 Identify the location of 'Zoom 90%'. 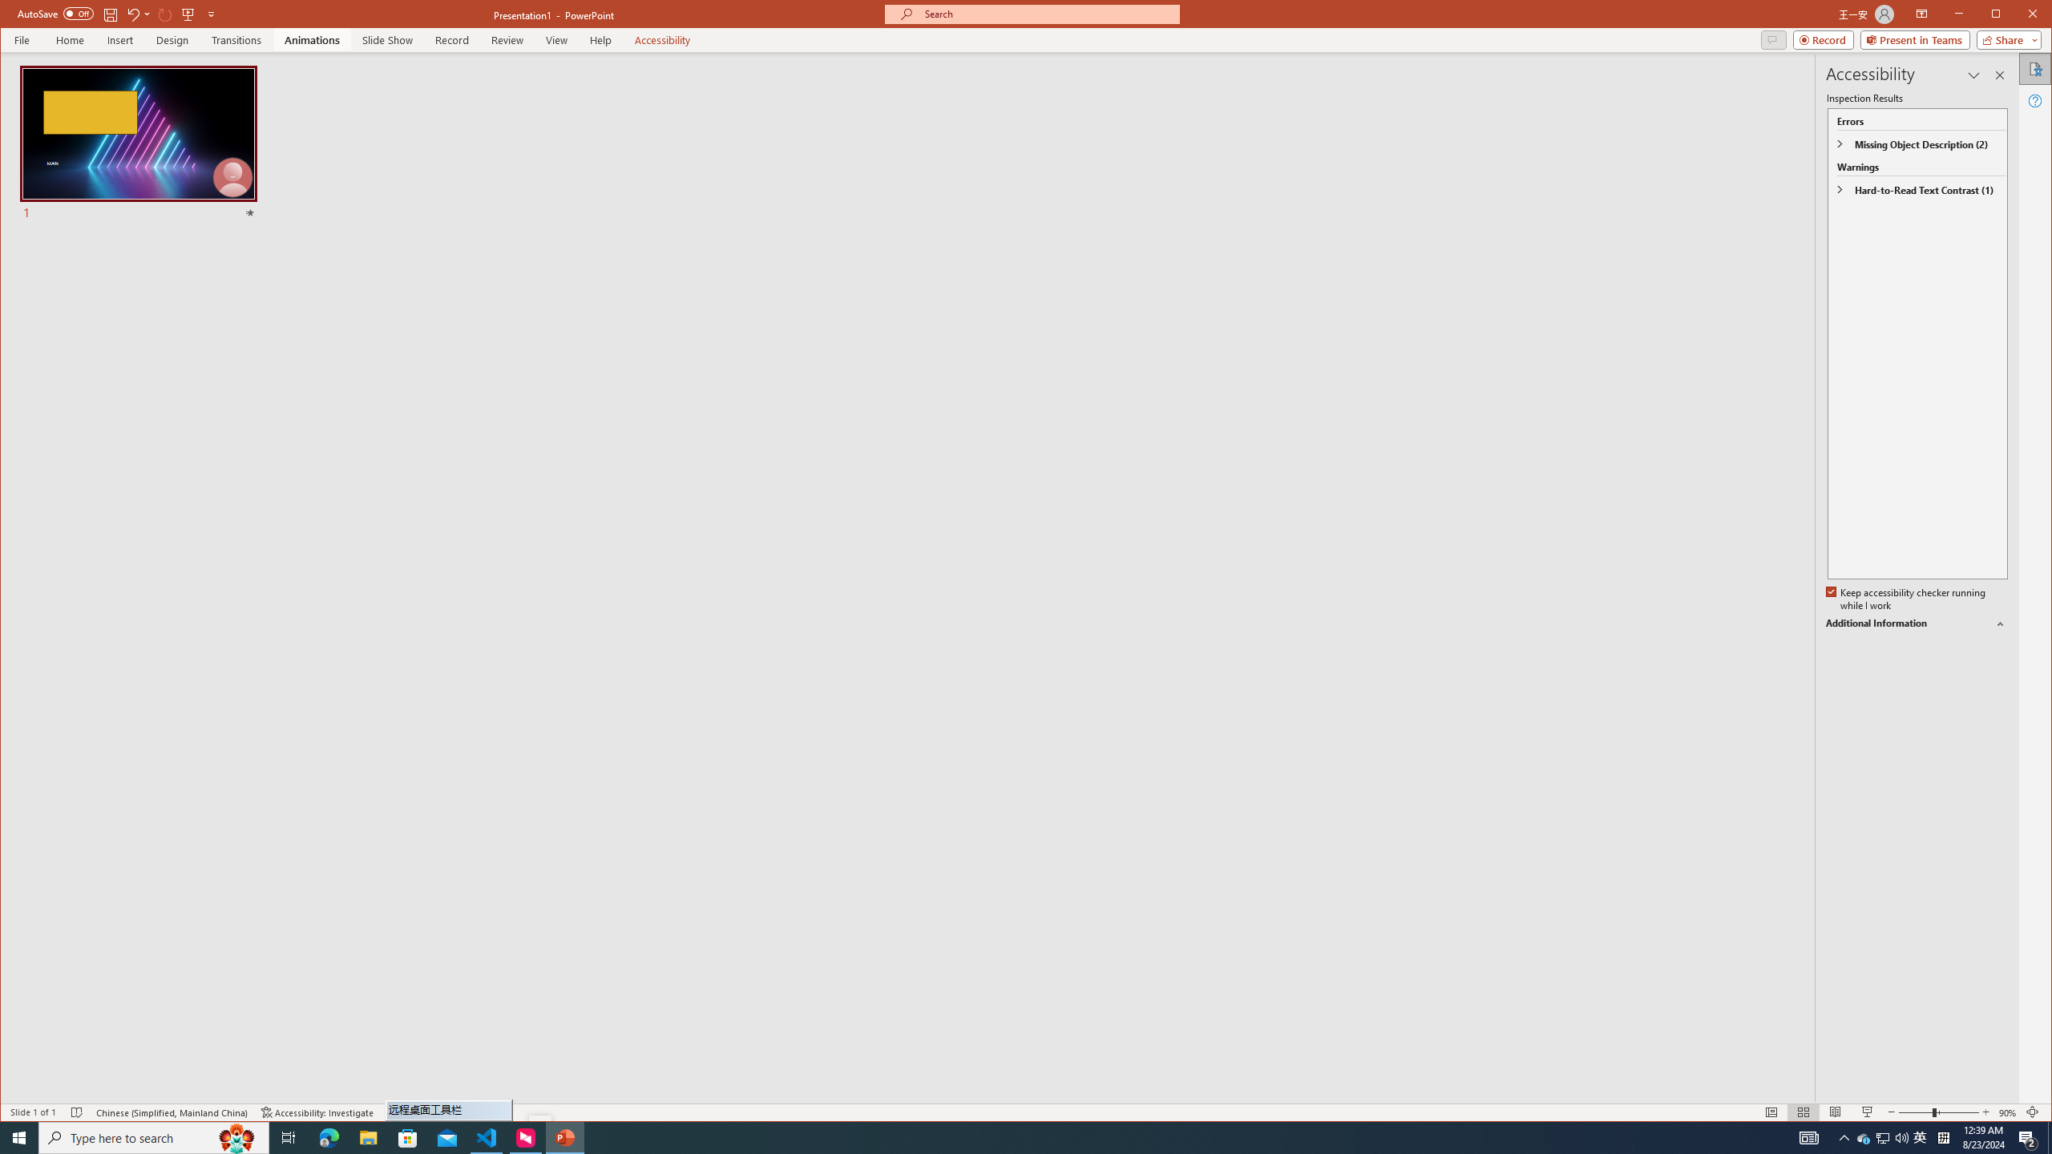
(2006, 1112).